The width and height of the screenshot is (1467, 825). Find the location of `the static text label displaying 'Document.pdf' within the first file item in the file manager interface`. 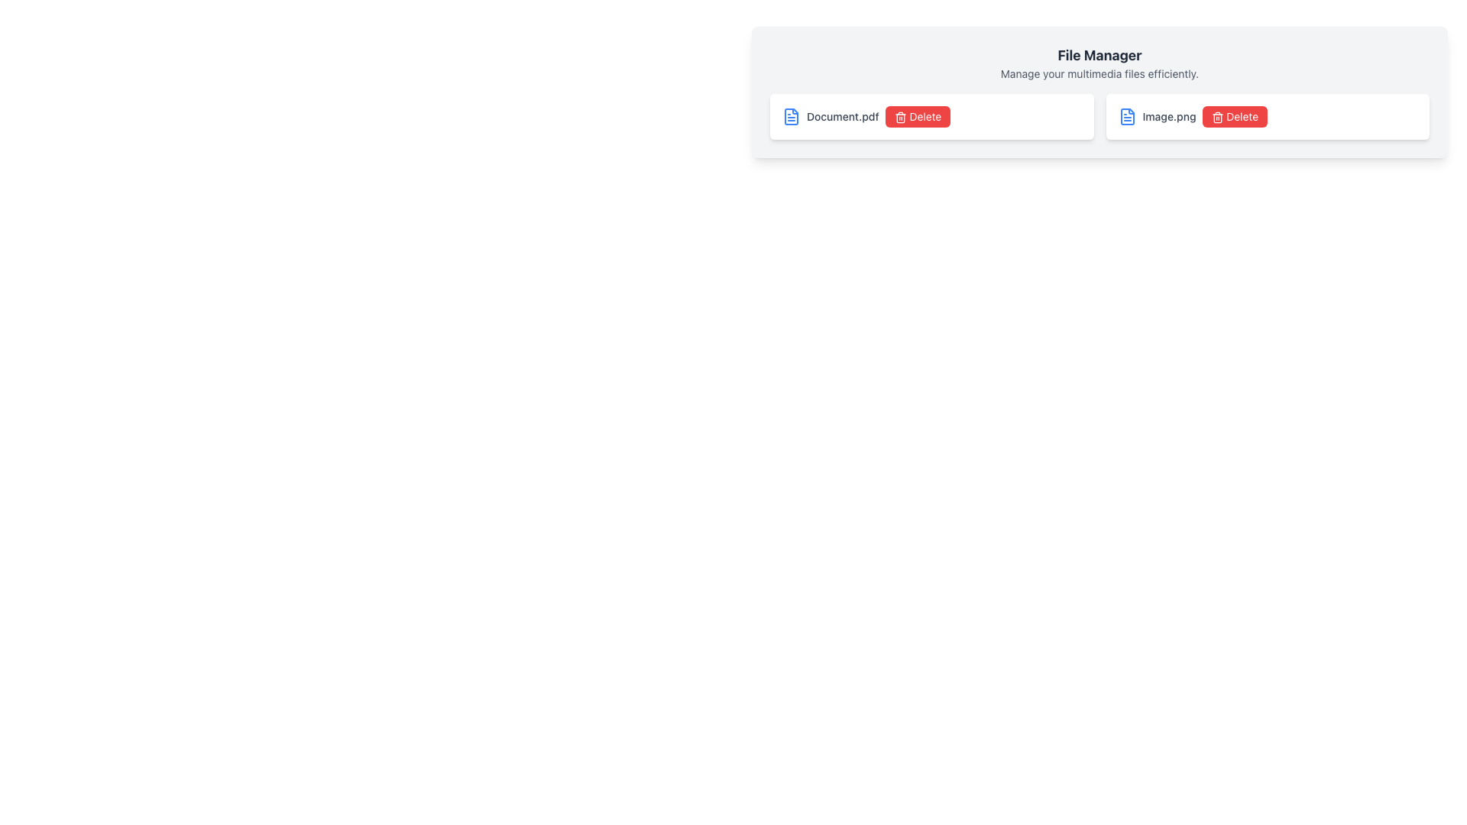

the static text label displaying 'Document.pdf' within the first file item in the file manager interface is located at coordinates (842, 116).